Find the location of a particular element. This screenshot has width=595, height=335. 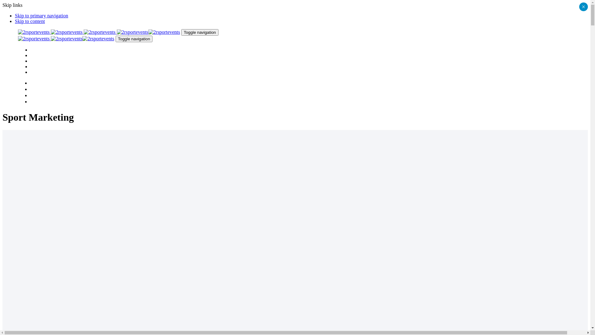

'Toggle navigation' is located at coordinates (134, 39).